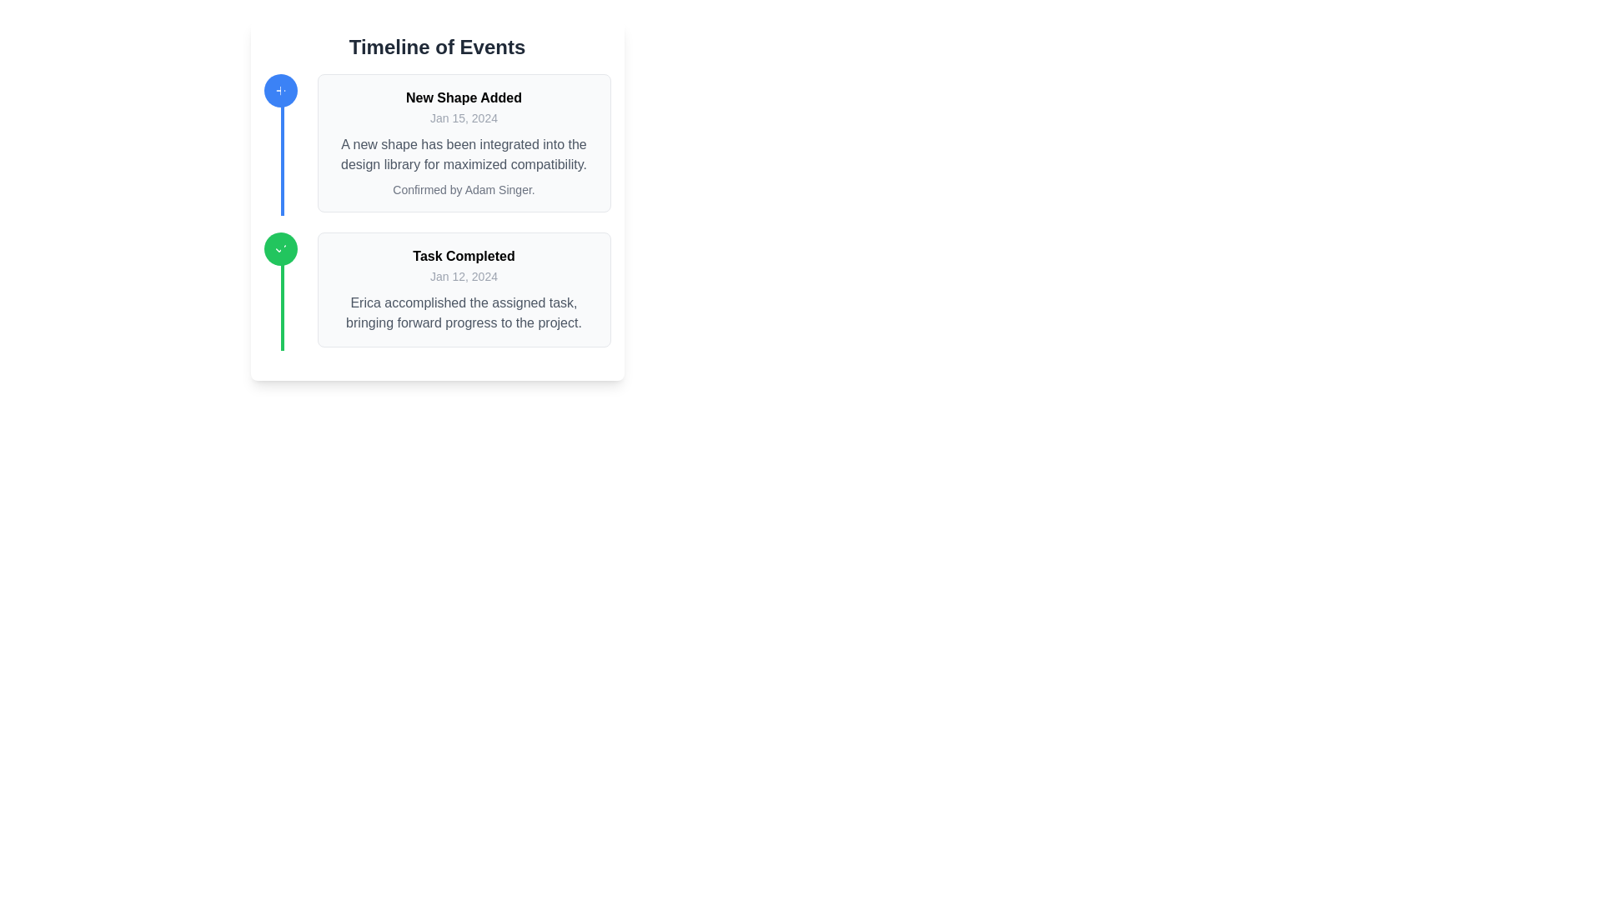  Describe the element at coordinates (280, 90) in the screenshot. I see `the blue circular marker icon in the timeline that signifies a new addition or event, located near the top and to the left of the 'New Shape Added' description` at that location.